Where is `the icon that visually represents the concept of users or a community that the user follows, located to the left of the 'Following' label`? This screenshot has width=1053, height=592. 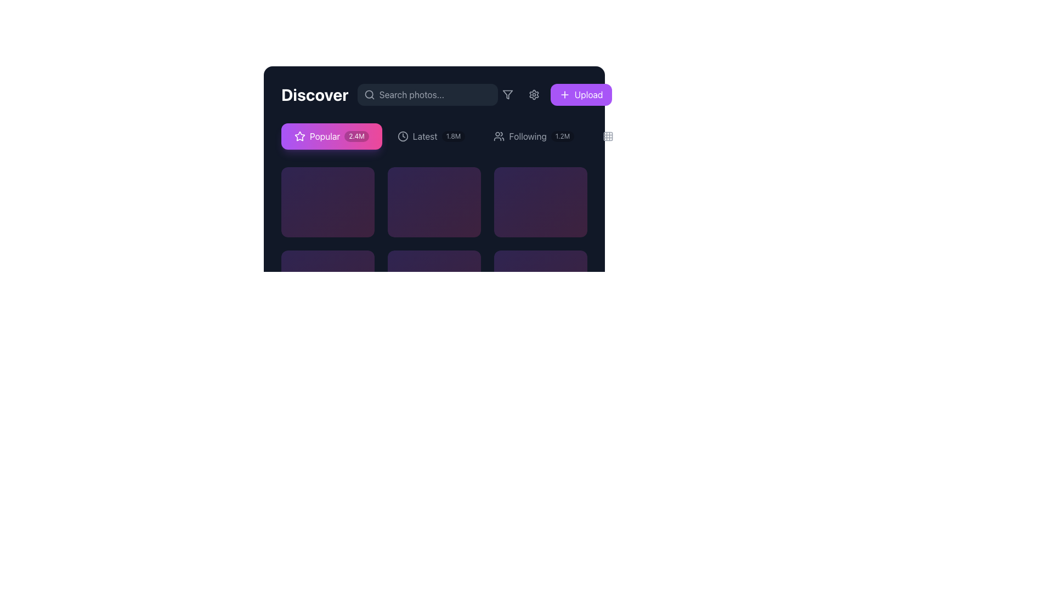 the icon that visually represents the concept of users or a community that the user follows, located to the left of the 'Following' label is located at coordinates (499, 136).